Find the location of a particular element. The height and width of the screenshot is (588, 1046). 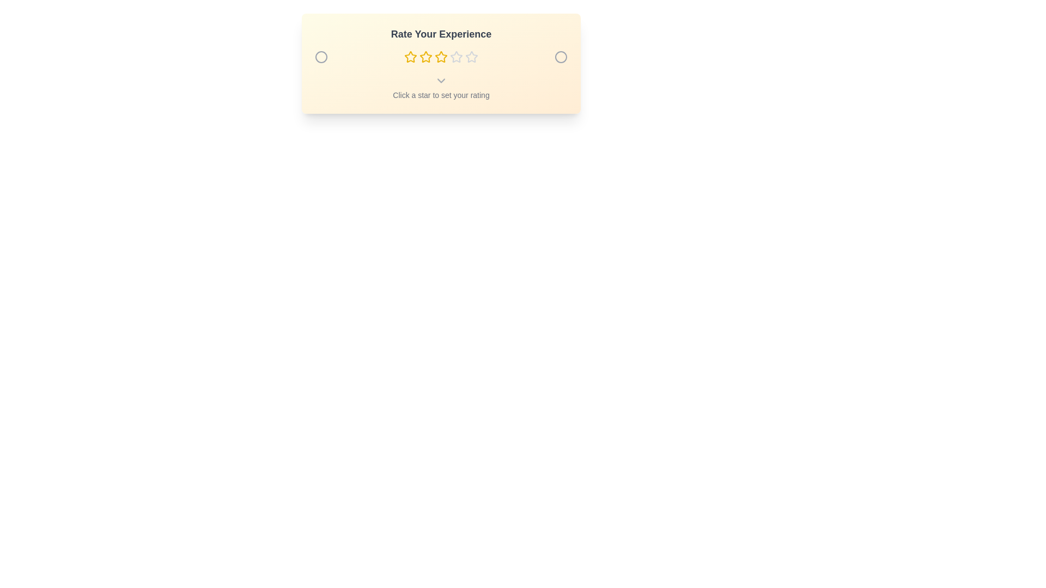

the star representing the desired rating 1 is located at coordinates (410, 57).